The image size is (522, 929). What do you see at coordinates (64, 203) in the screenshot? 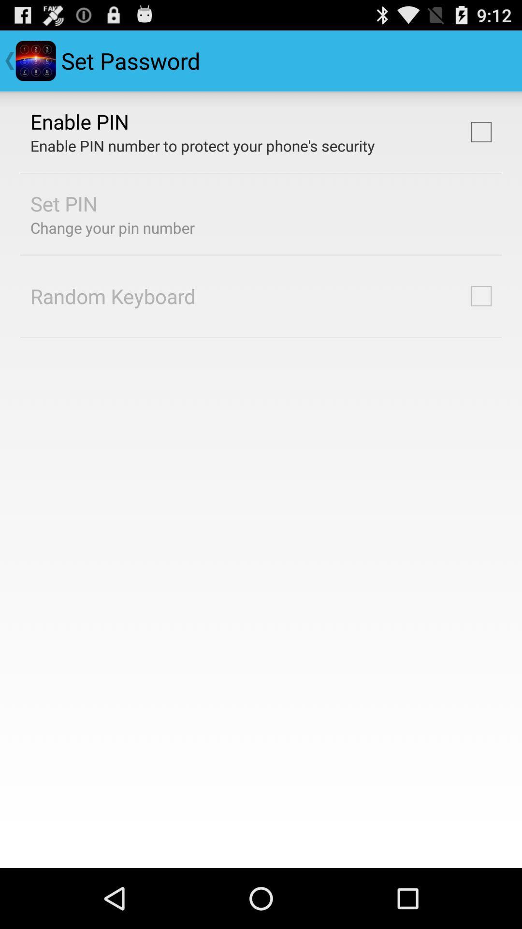
I see `the icon above change your pin` at bounding box center [64, 203].